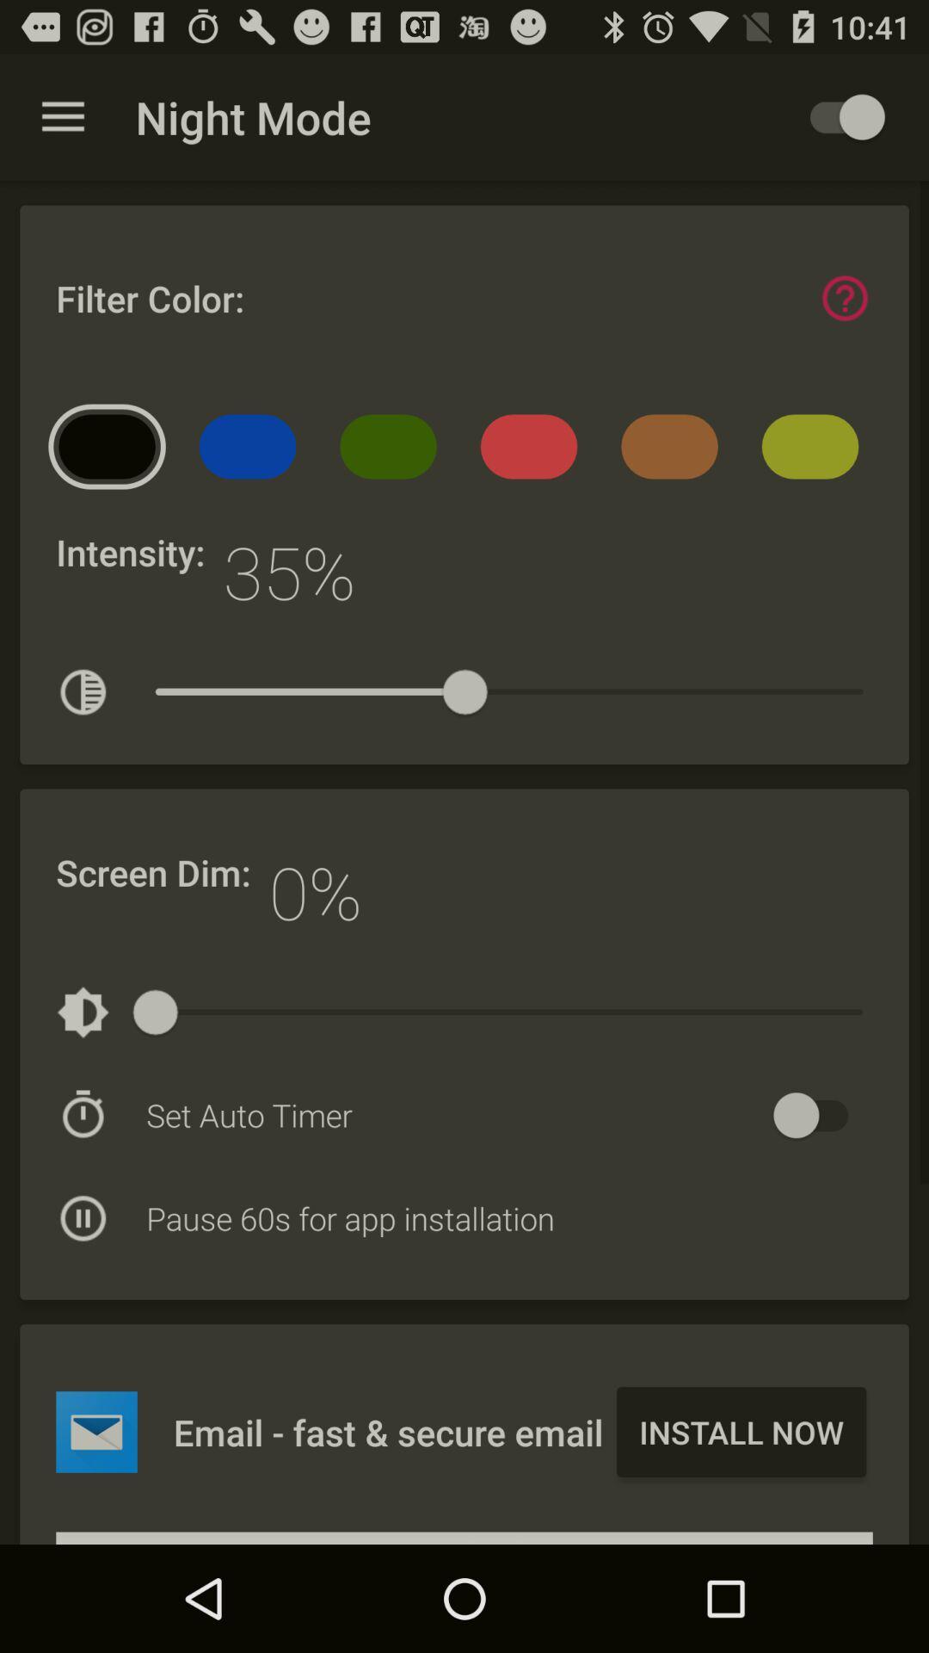 Image resolution: width=929 pixels, height=1653 pixels. Describe the element at coordinates (96, 1432) in the screenshot. I see `advertisement website` at that location.